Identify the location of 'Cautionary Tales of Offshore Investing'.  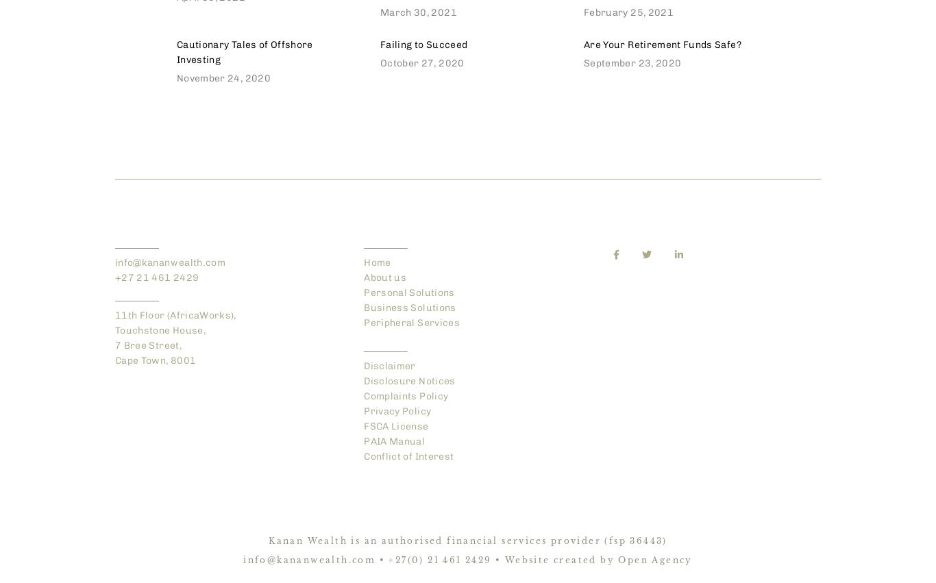
(243, 52).